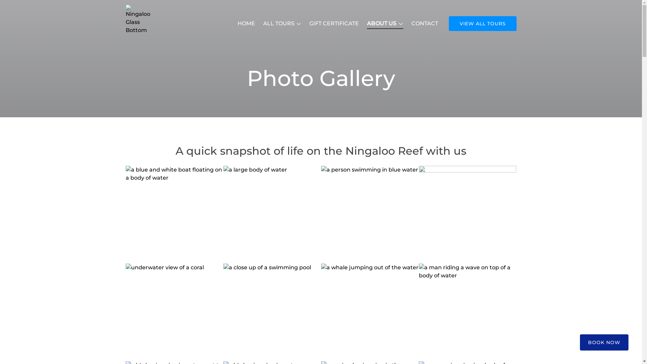 Image resolution: width=647 pixels, height=364 pixels. Describe the element at coordinates (39, 7) in the screenshot. I see `'Skip to primary navigation'` at that location.